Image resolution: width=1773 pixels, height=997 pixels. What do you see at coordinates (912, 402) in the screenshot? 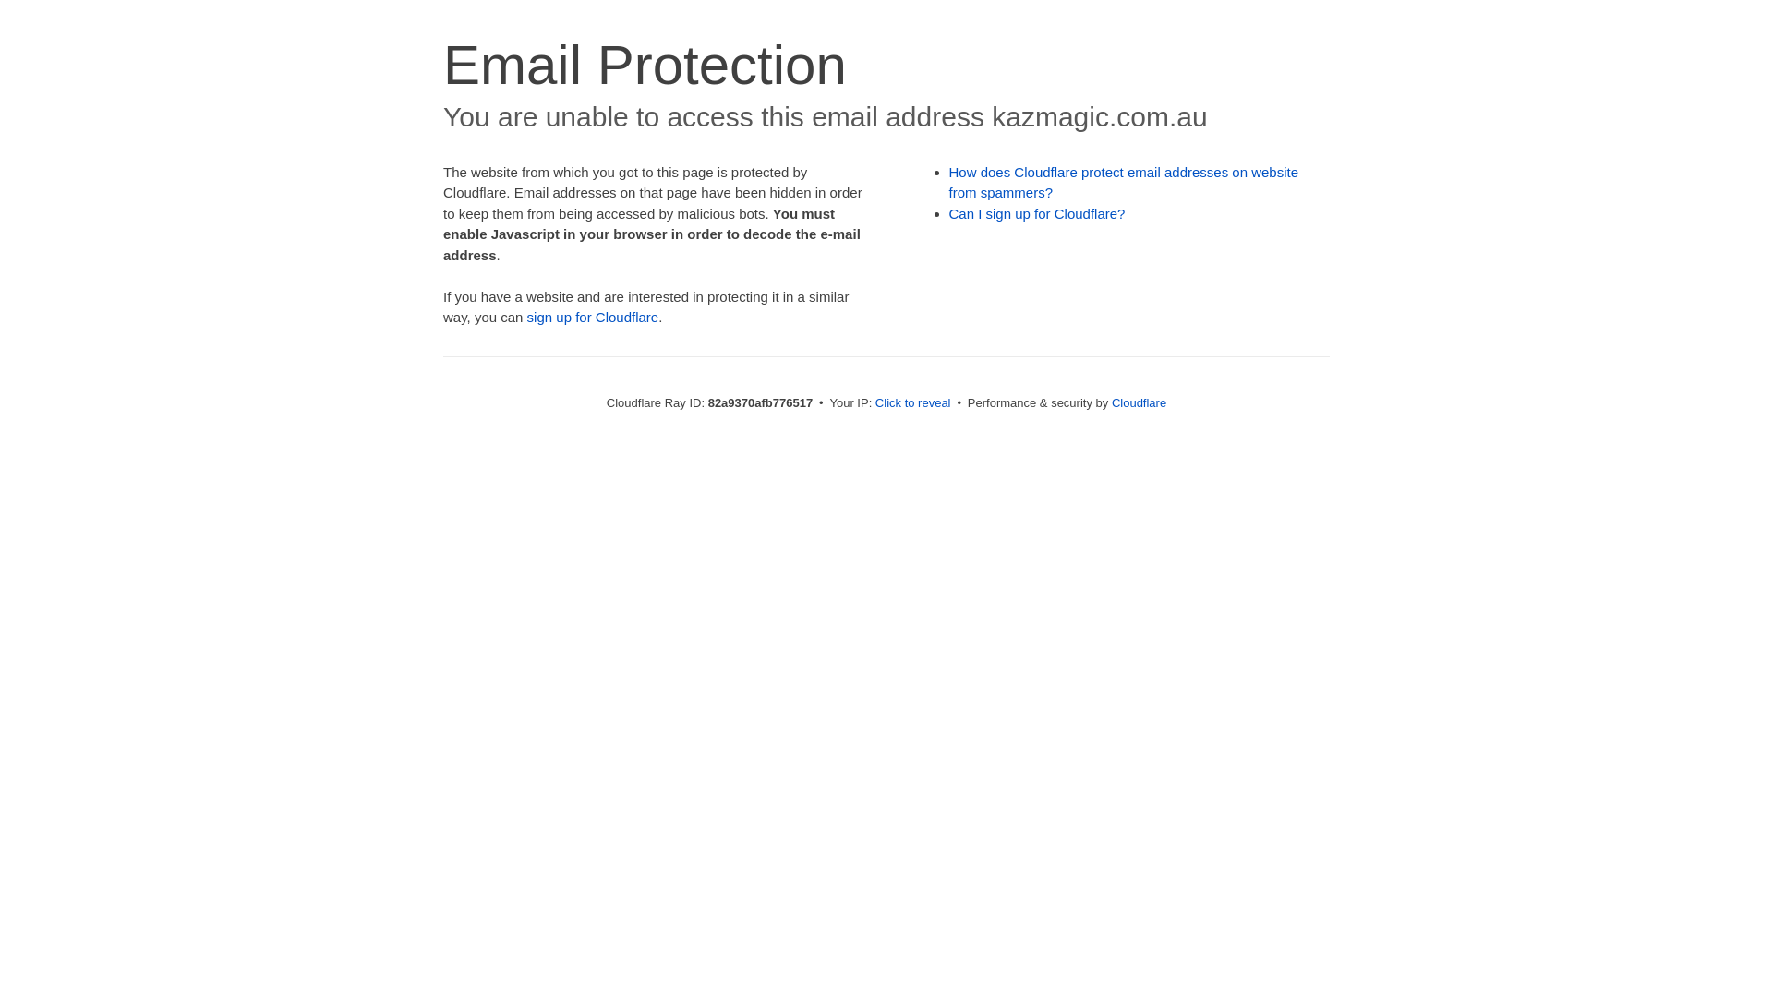
I see `'Click to reveal'` at bounding box center [912, 402].